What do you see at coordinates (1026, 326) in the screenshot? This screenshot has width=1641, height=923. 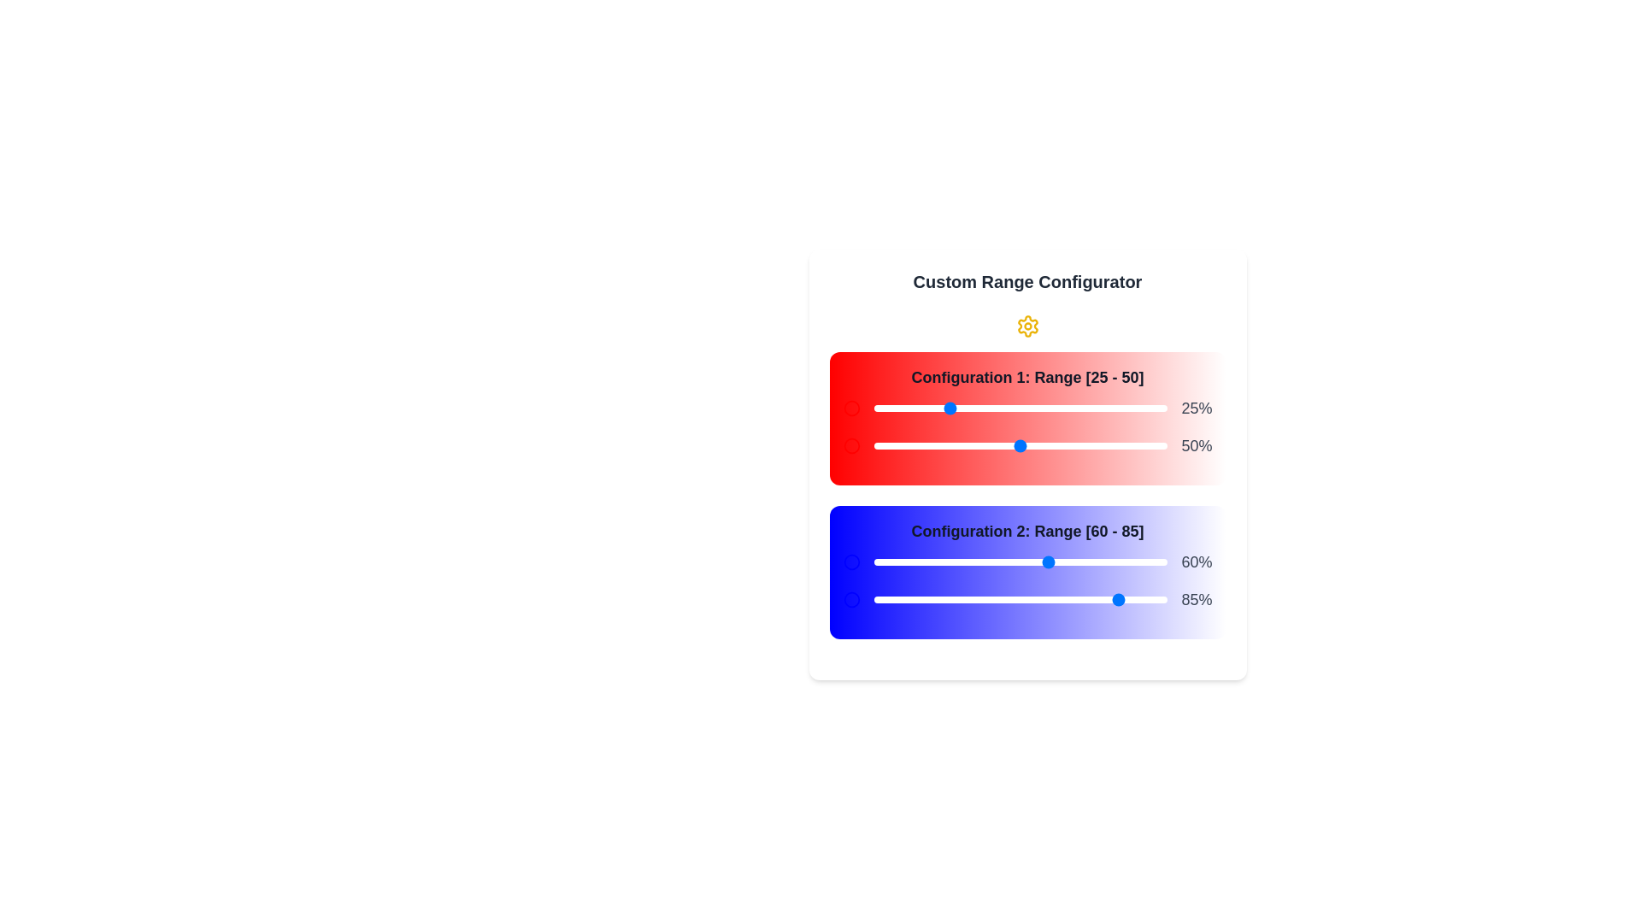 I see `the settings icon to access configuration options` at bounding box center [1026, 326].